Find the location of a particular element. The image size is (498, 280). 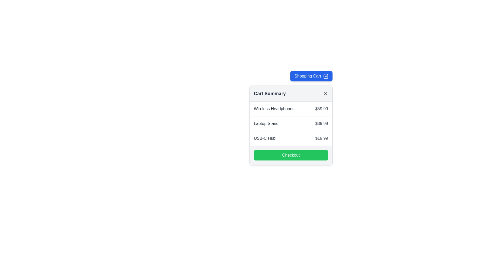

the 'Checkout' button, a green rectangular button with rounded corners located at the bottom of the 'Cart Summary' modal is located at coordinates (291, 155).